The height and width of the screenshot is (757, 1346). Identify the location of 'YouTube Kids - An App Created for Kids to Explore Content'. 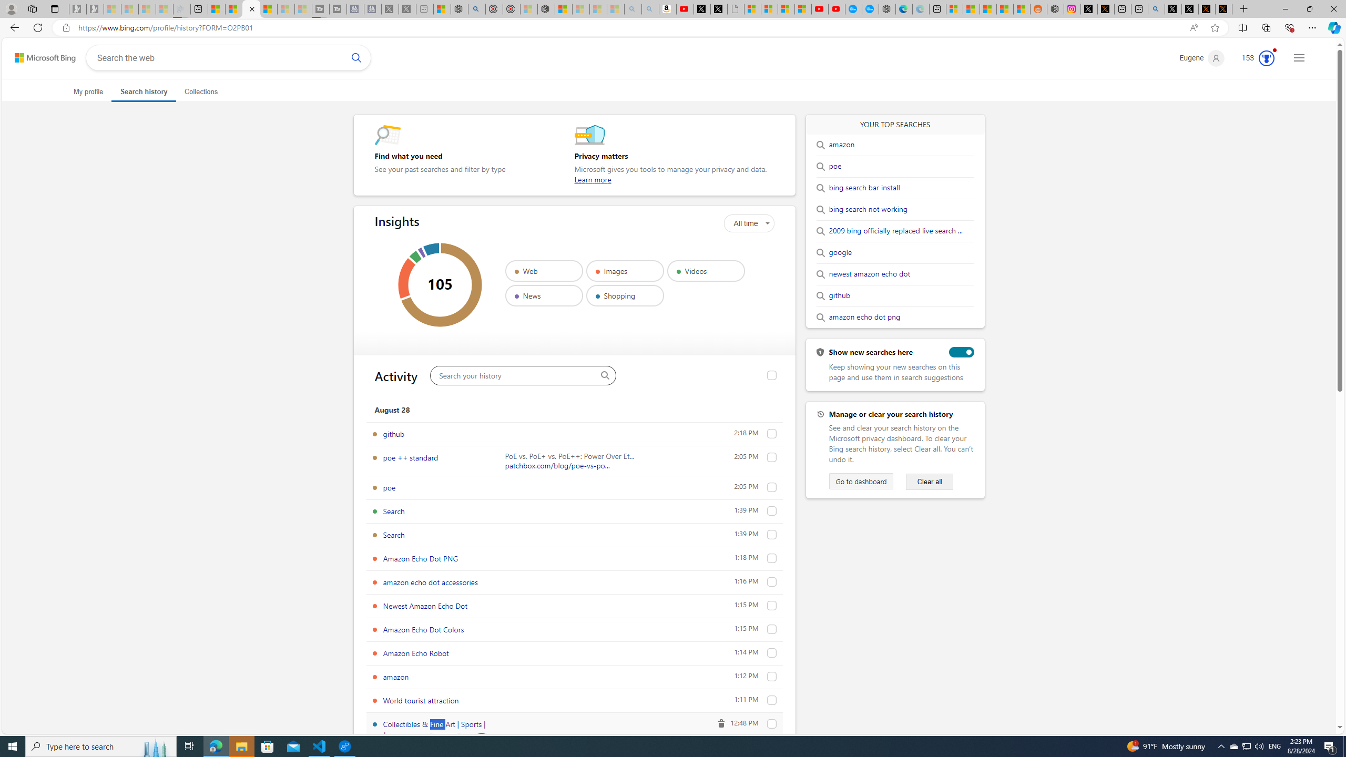
(836, 8).